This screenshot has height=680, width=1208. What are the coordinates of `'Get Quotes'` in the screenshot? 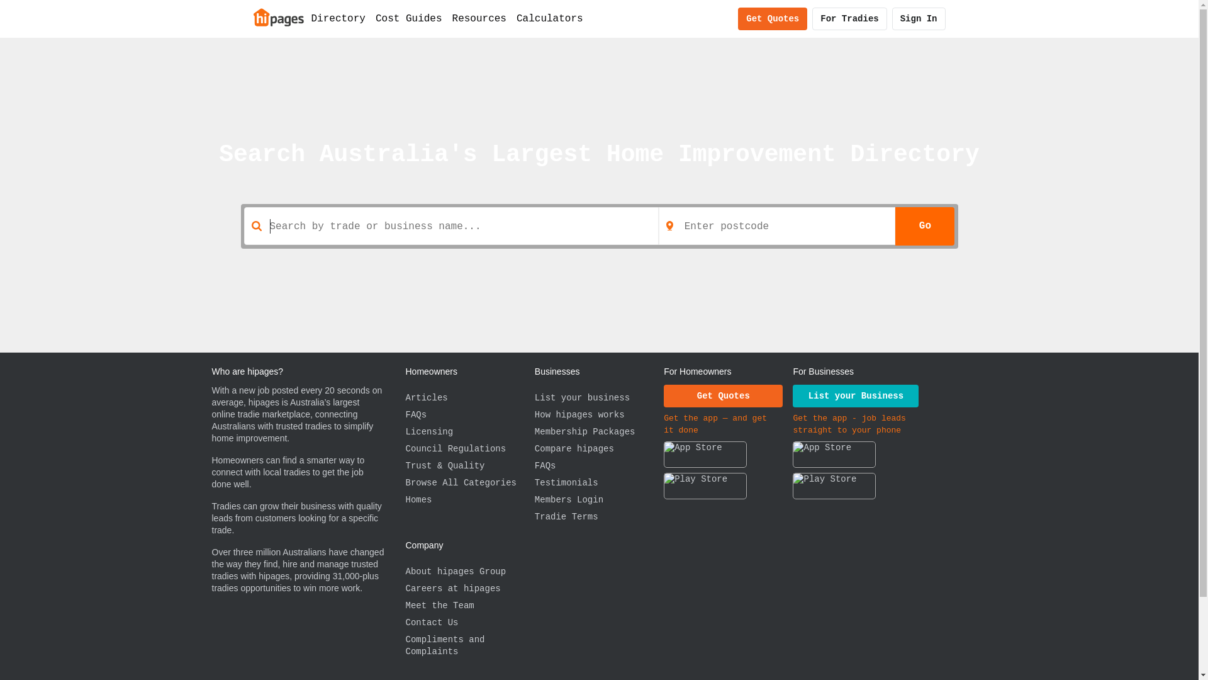 It's located at (772, 19).